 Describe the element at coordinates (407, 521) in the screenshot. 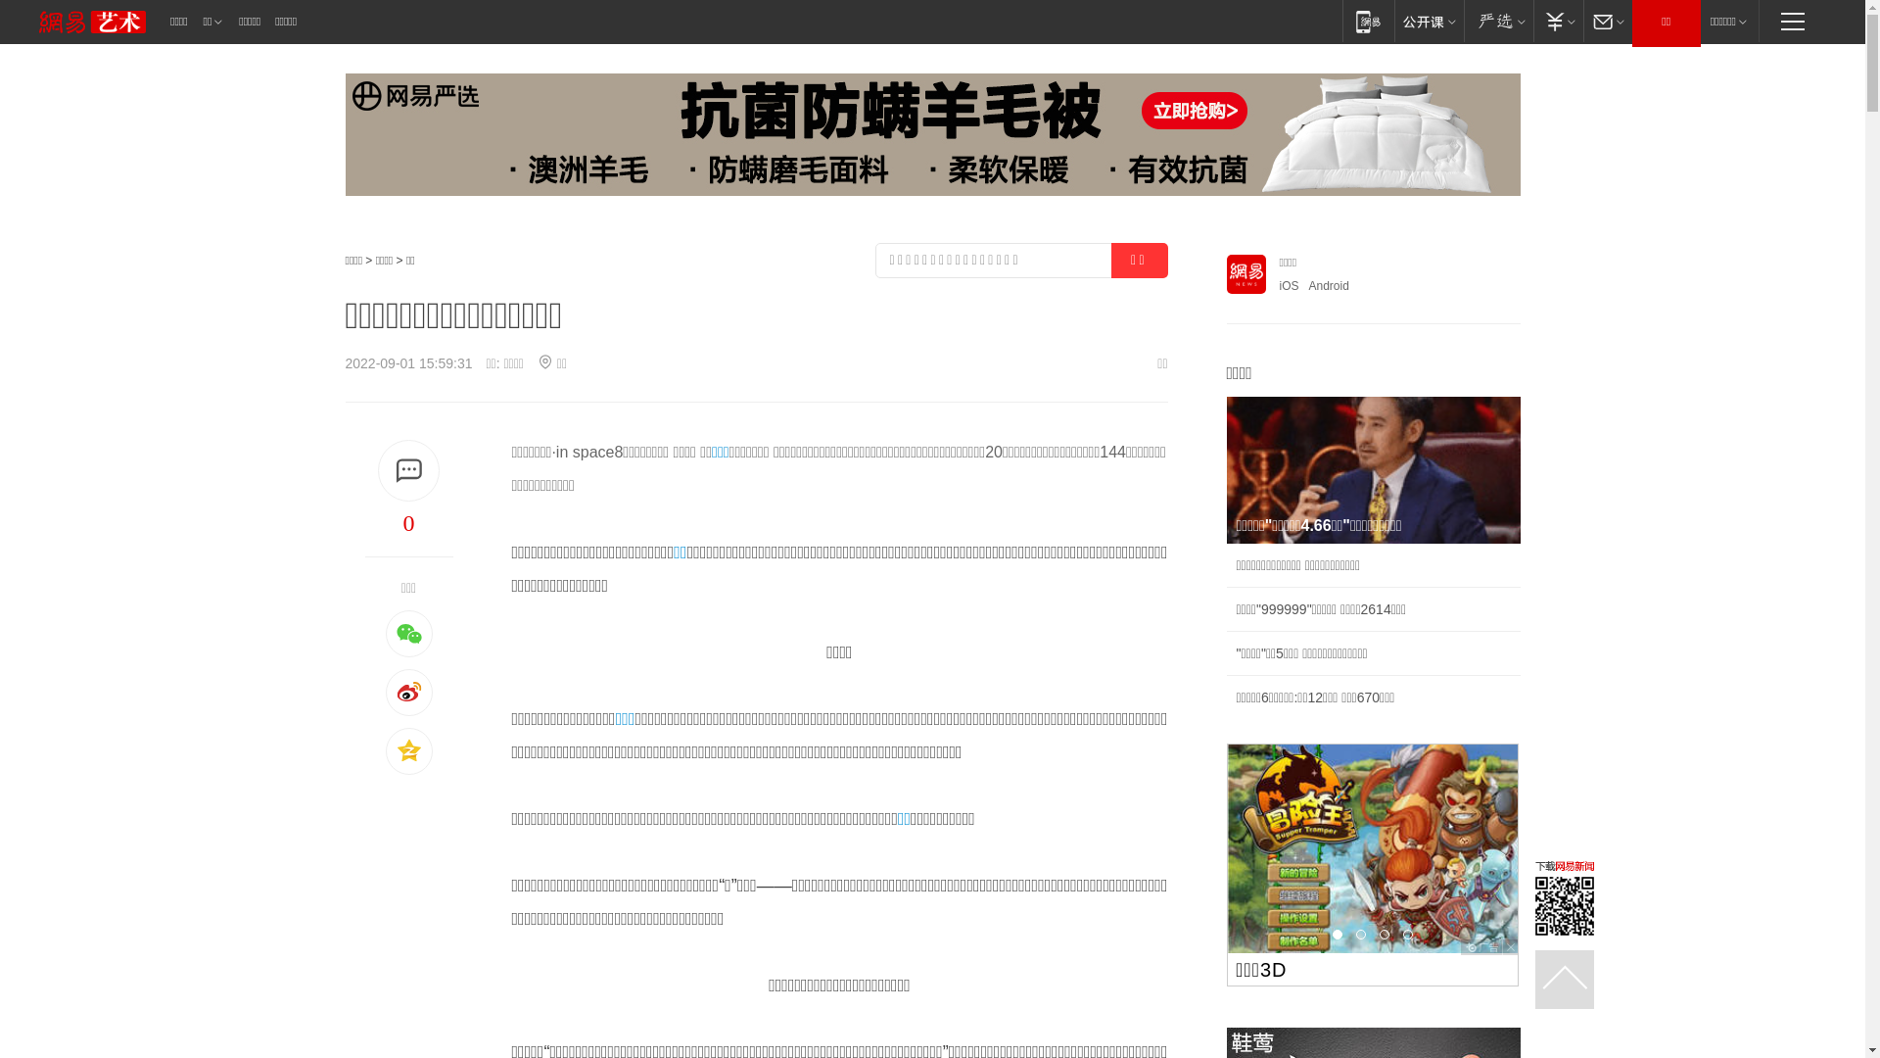

I see `'0'` at that location.